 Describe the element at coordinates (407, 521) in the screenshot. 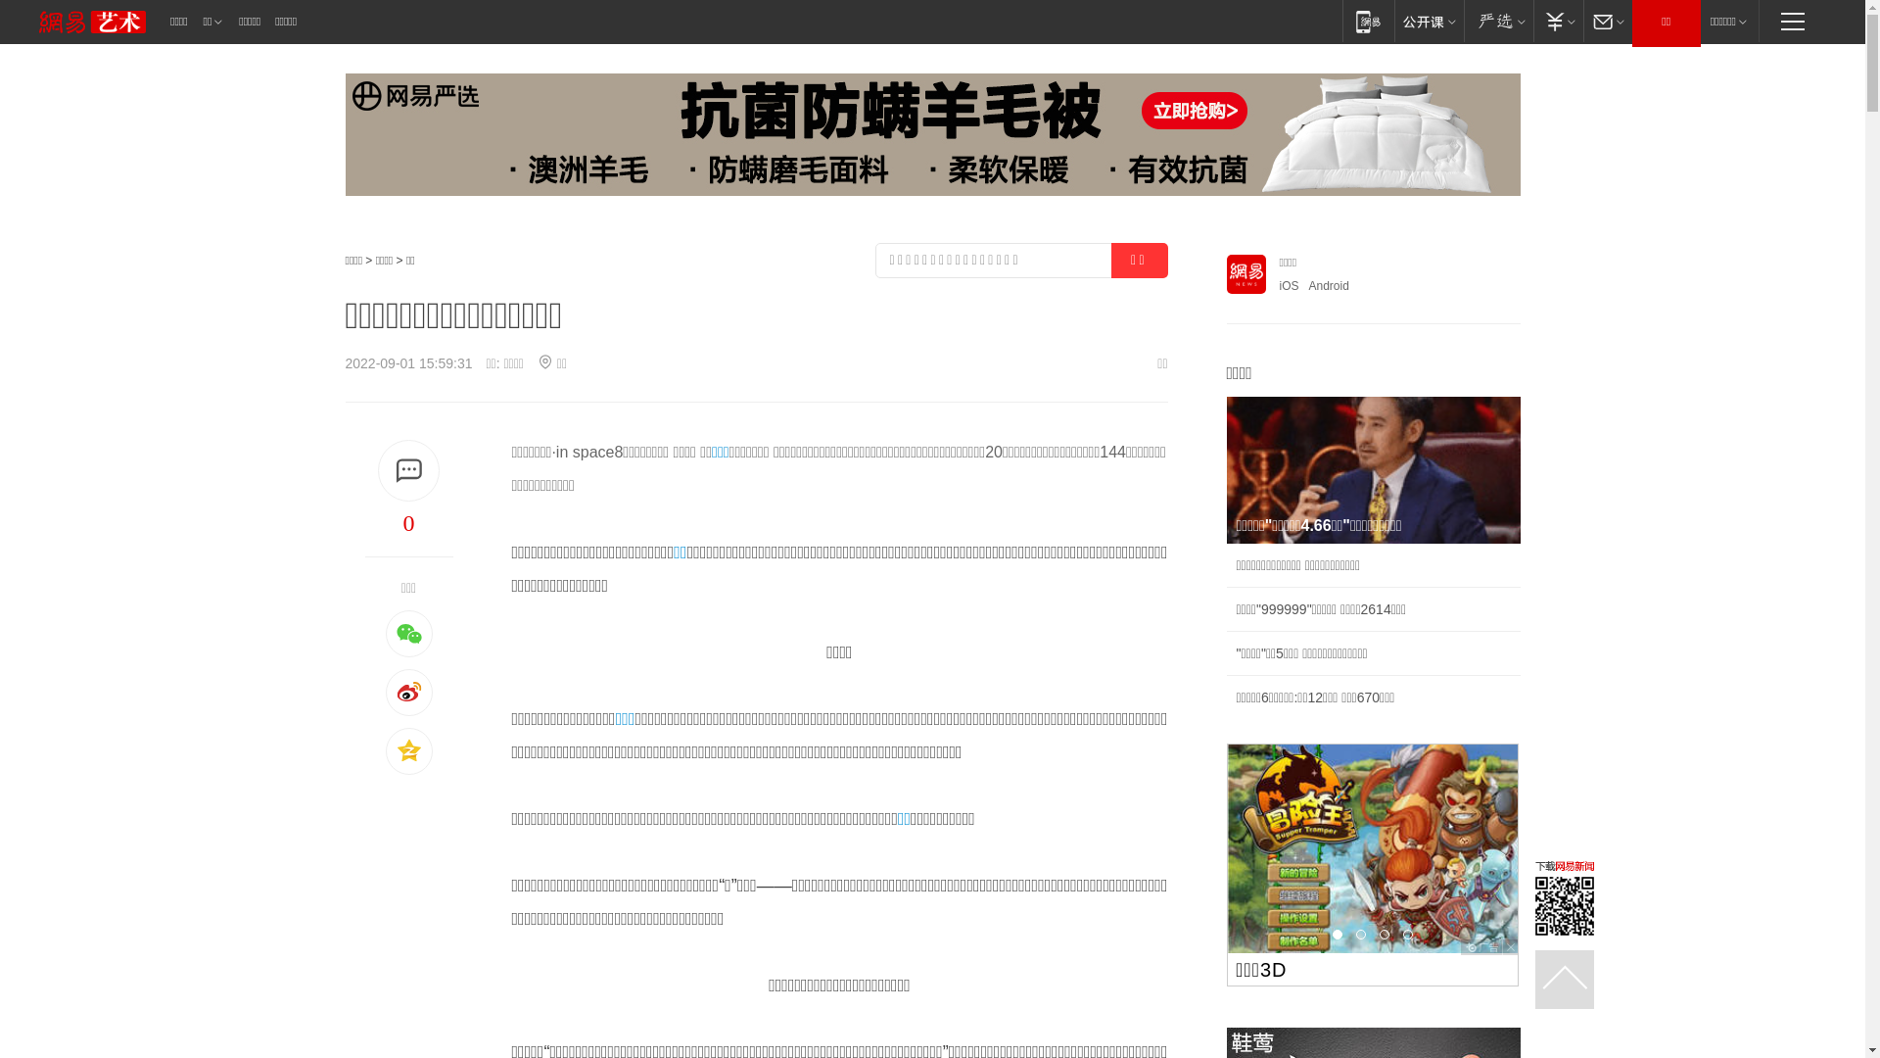

I see `'0'` at that location.